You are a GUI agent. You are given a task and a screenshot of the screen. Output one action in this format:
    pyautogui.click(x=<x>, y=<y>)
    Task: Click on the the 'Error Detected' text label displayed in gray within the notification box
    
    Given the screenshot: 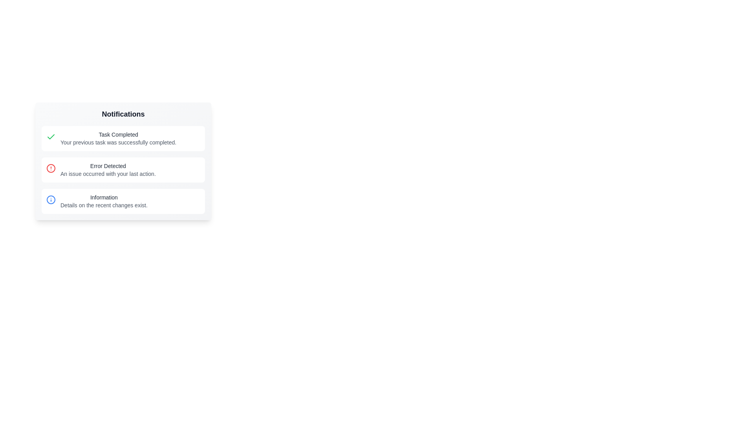 What is the action you would take?
    pyautogui.click(x=108, y=166)
    